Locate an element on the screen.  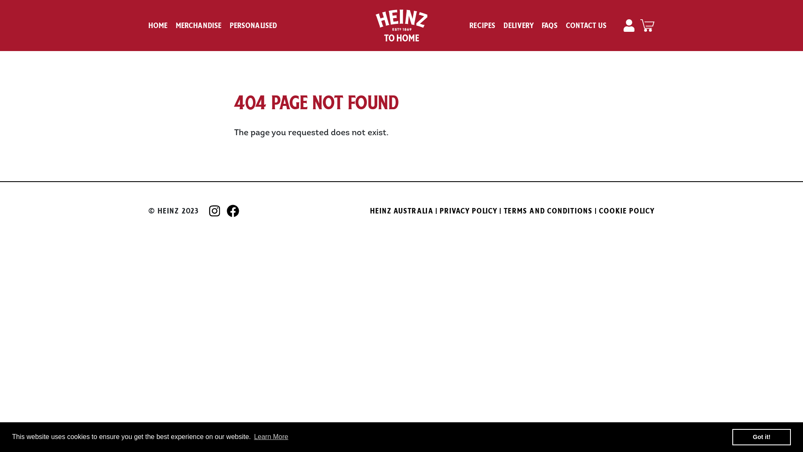
'Your account' is located at coordinates (630, 25).